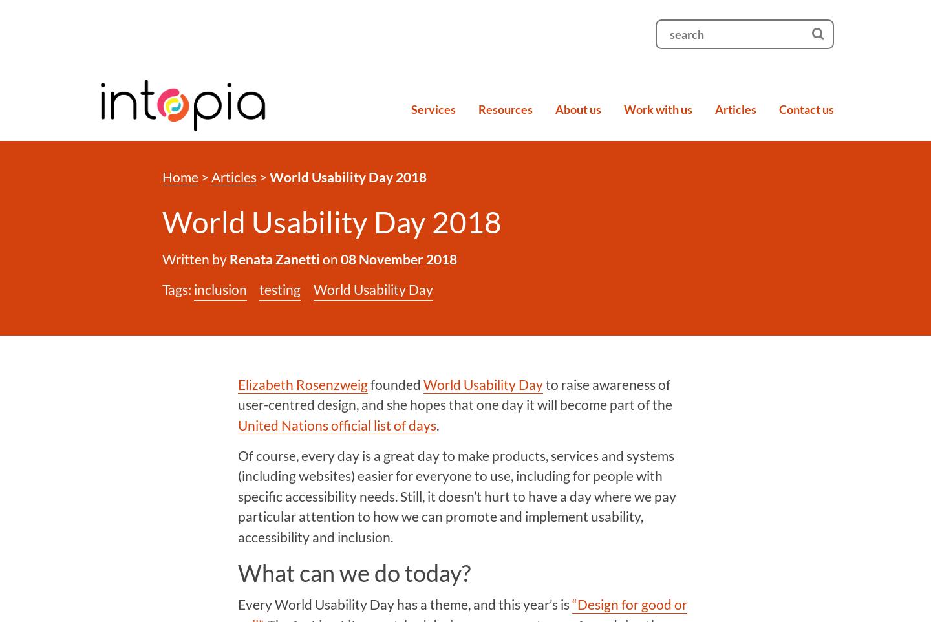 Image resolution: width=931 pixels, height=622 pixels. What do you see at coordinates (456, 495) in the screenshot?
I see `'Of course, every day is a great day to make products, services and systems (including websites) easier for everyone to use, including for people with specific accessibility needs. Still, it doesn’t hurt to have a day where we pay particular attention to how we can promote and implement usability, accessibility and inclusion.'` at bounding box center [456, 495].